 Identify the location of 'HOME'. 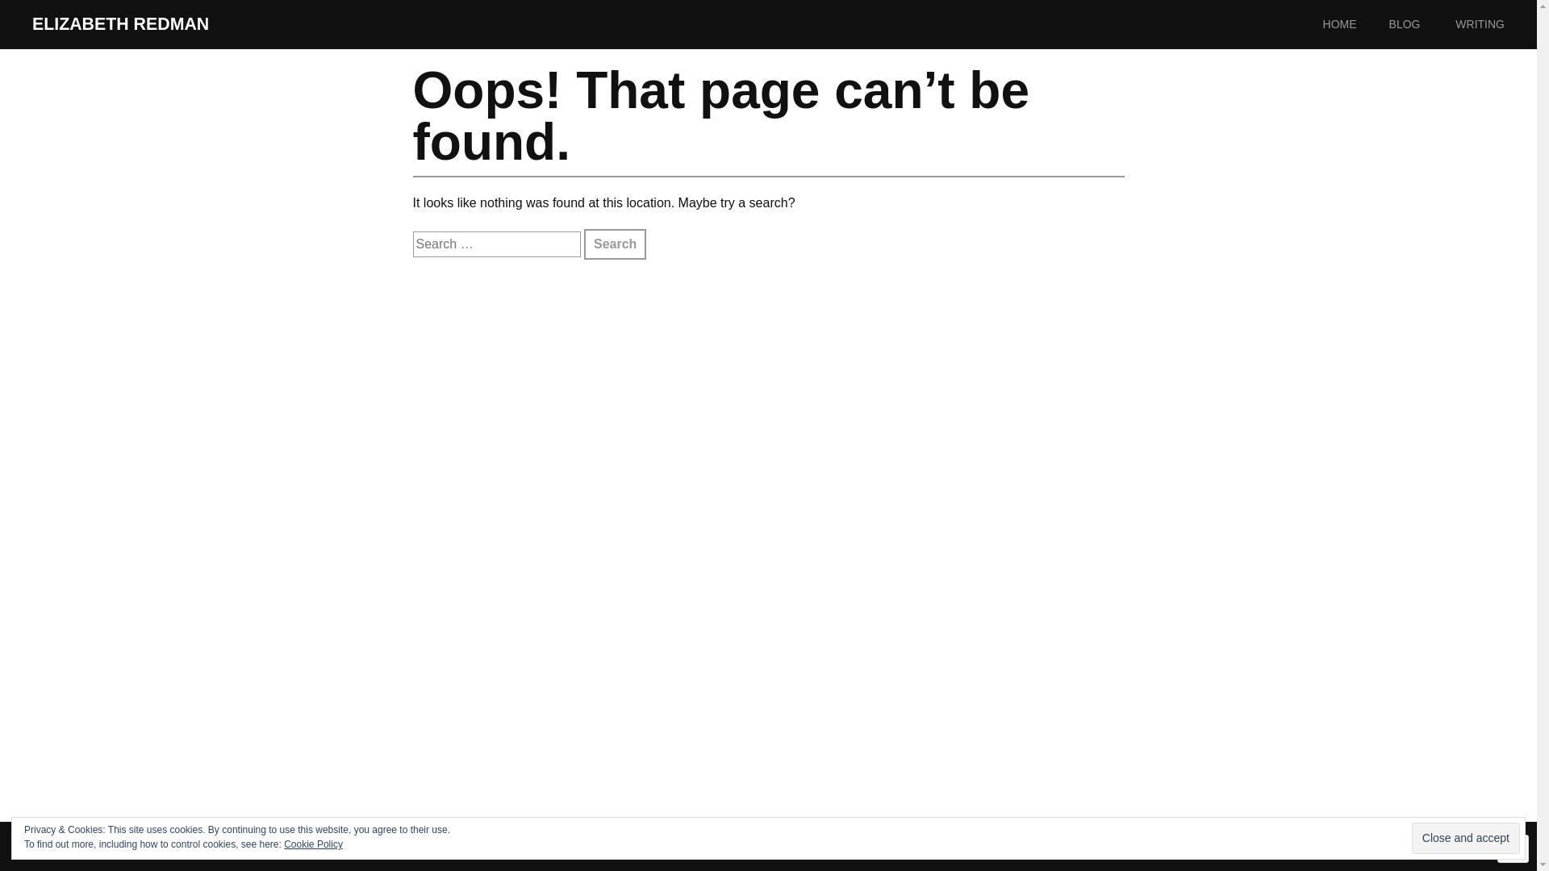
(1355, 24).